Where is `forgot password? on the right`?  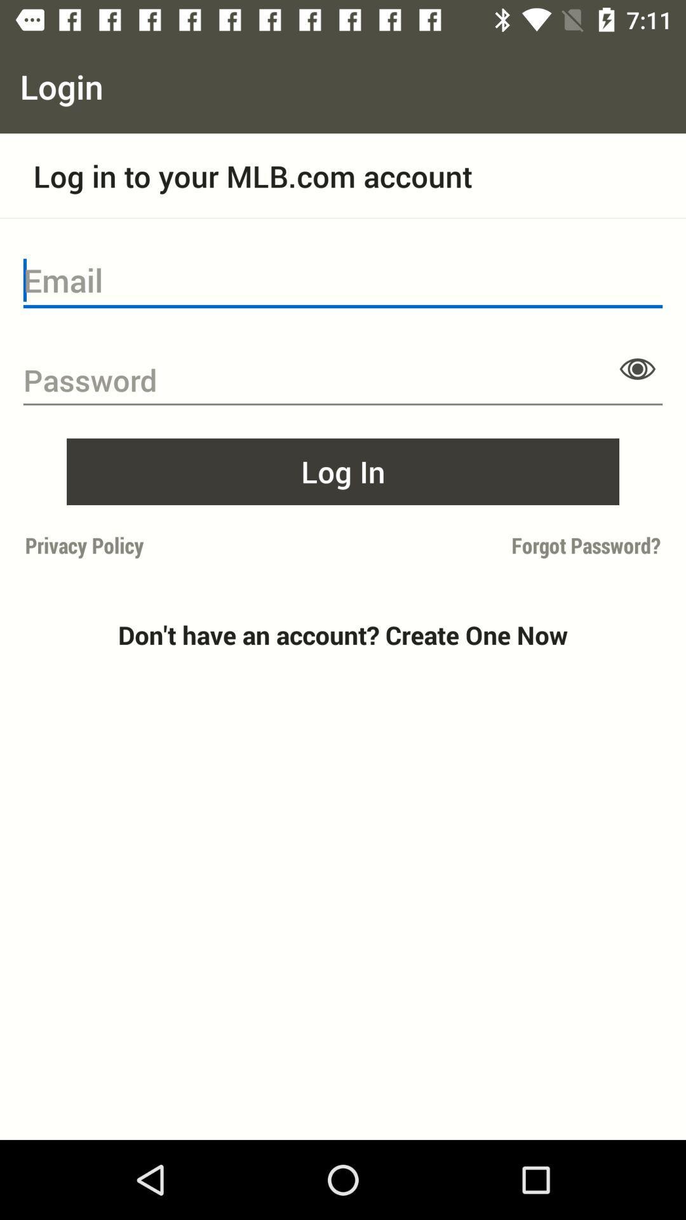 forgot password? on the right is located at coordinates (505, 545).